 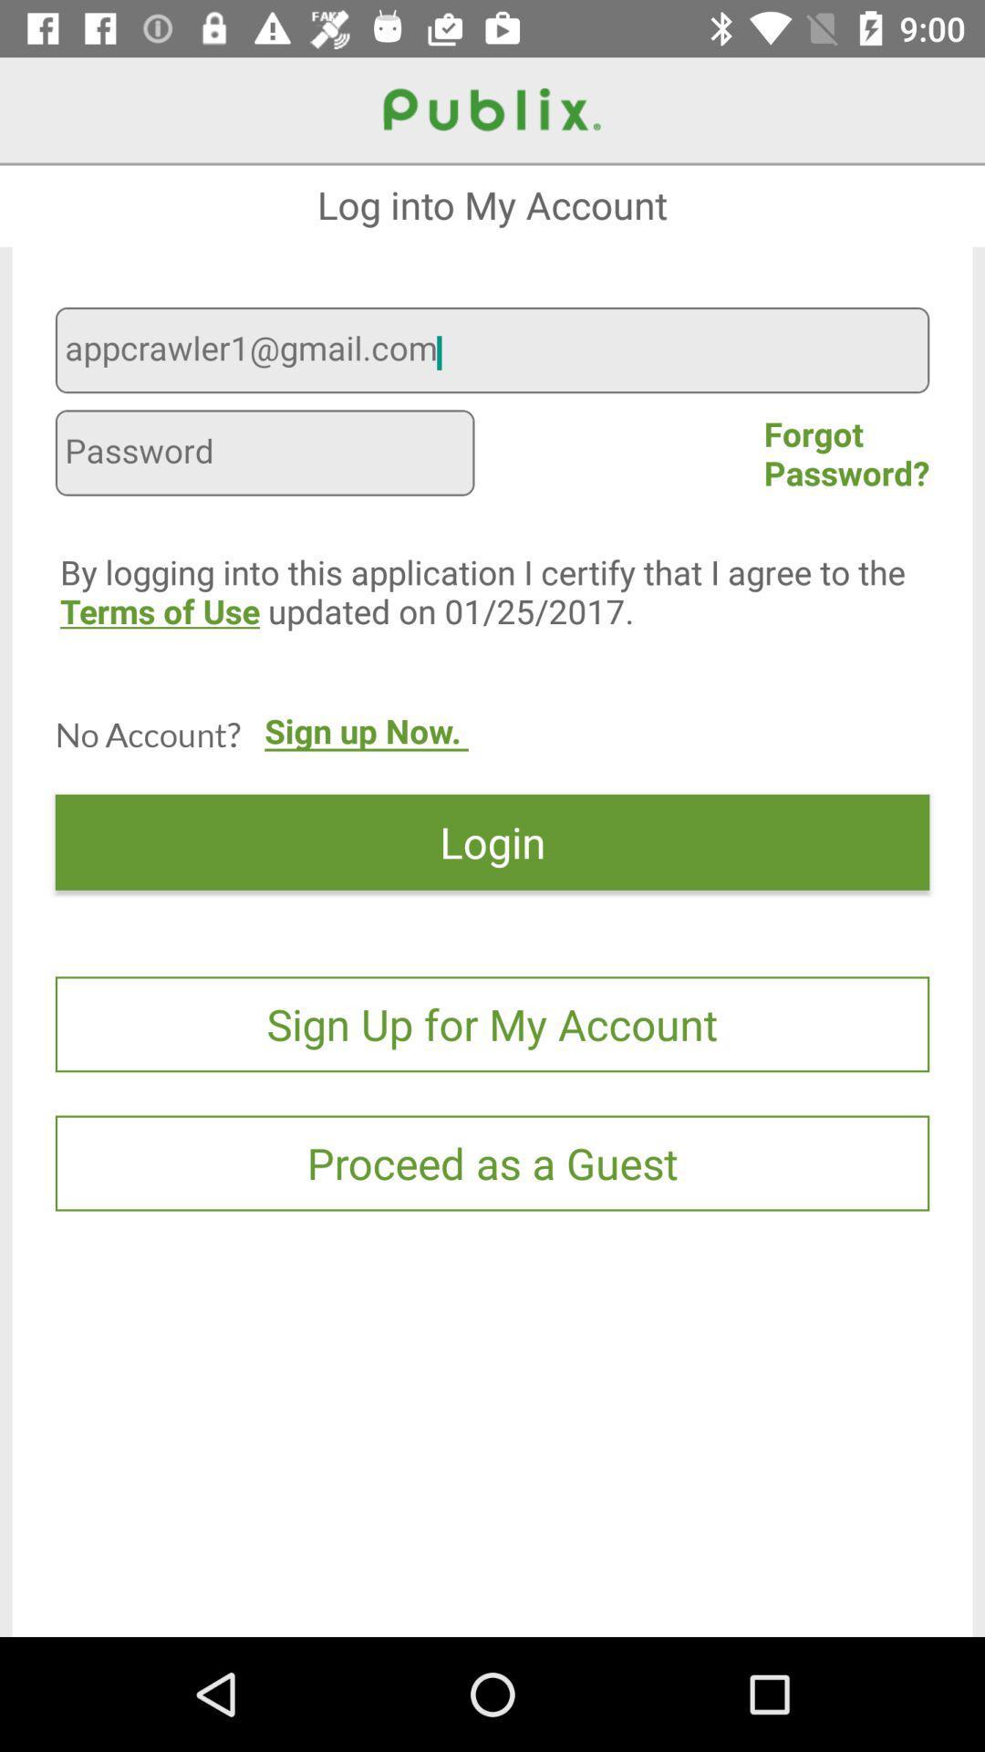 I want to click on proceed as a icon, so click(x=493, y=1163).